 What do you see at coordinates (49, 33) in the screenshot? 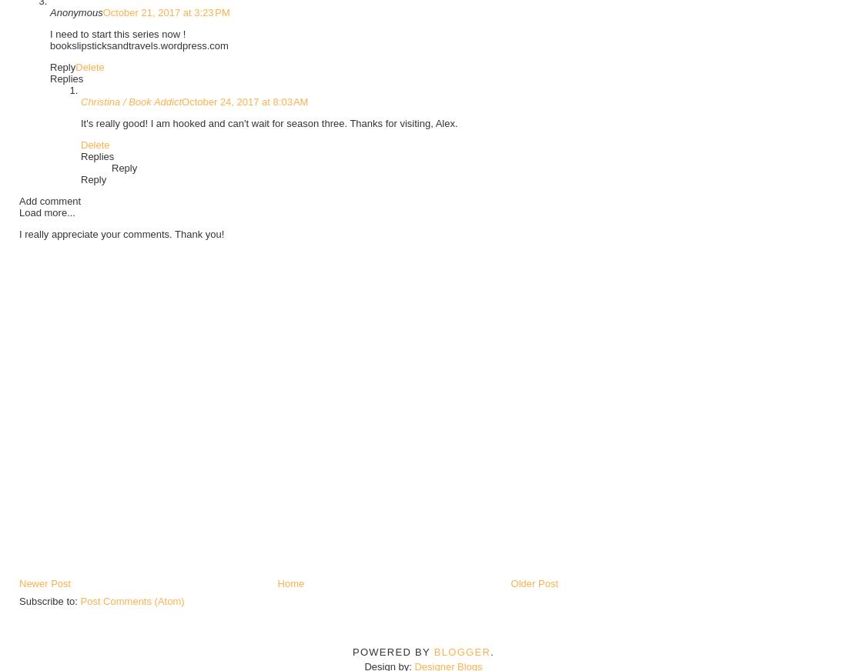
I see `'I need to start this series now !'` at bounding box center [49, 33].